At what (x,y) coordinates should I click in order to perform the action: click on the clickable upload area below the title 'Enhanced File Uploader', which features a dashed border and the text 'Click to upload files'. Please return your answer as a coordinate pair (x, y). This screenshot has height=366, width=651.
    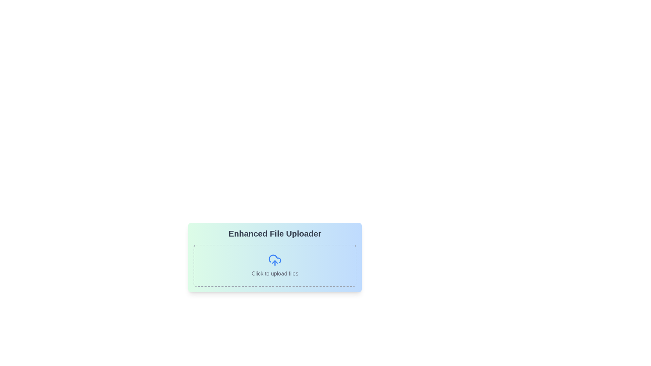
    Looking at the image, I should click on (275, 265).